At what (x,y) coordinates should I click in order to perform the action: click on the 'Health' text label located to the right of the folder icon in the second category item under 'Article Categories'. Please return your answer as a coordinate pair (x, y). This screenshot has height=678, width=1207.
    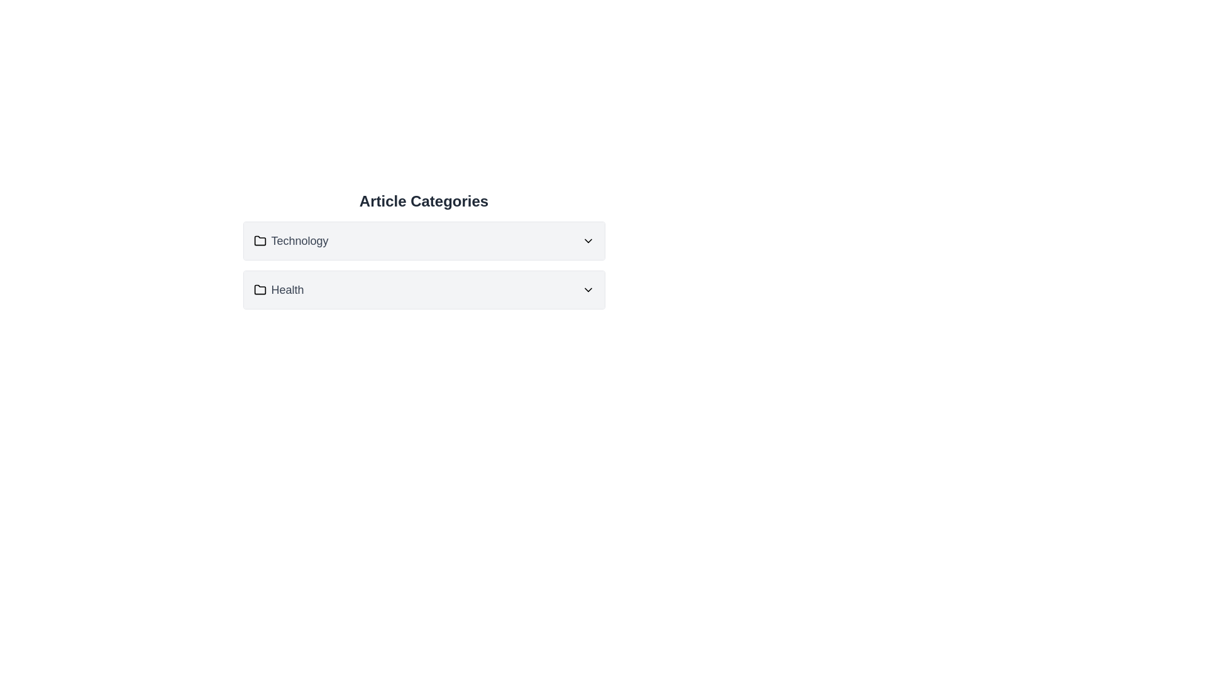
    Looking at the image, I should click on (287, 290).